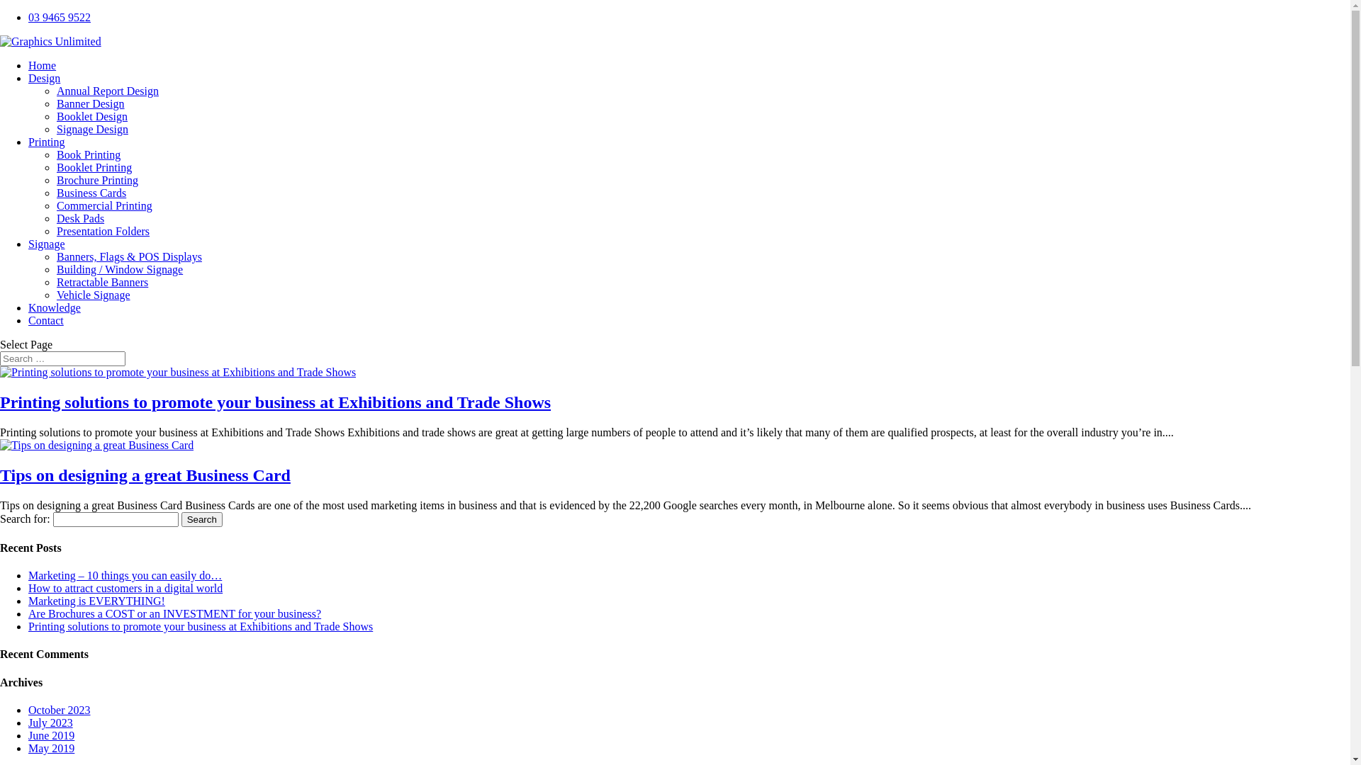  I want to click on 'Design', so click(44, 78).